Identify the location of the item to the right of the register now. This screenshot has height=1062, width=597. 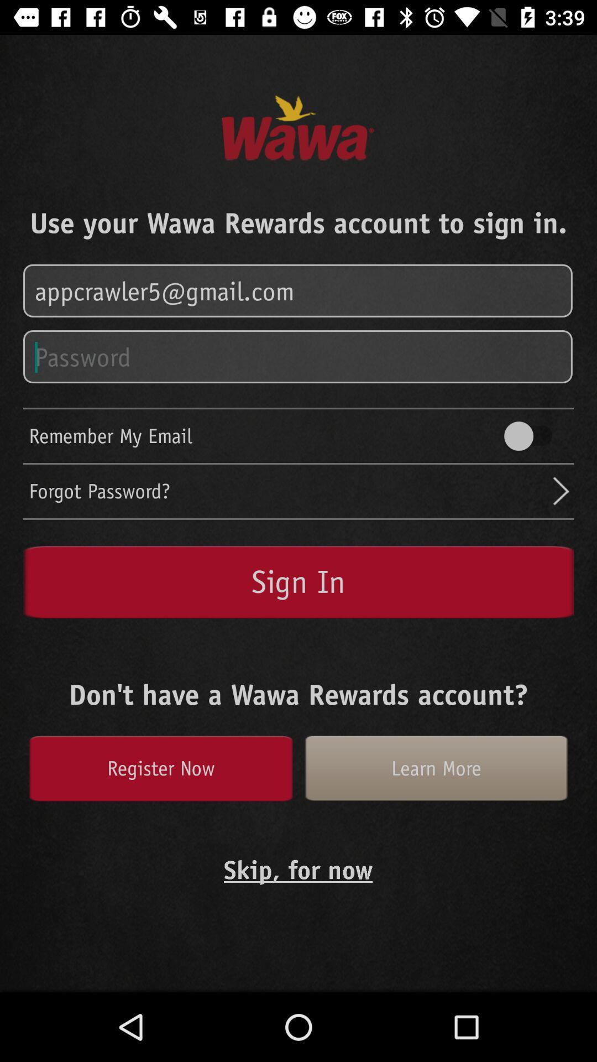
(436, 768).